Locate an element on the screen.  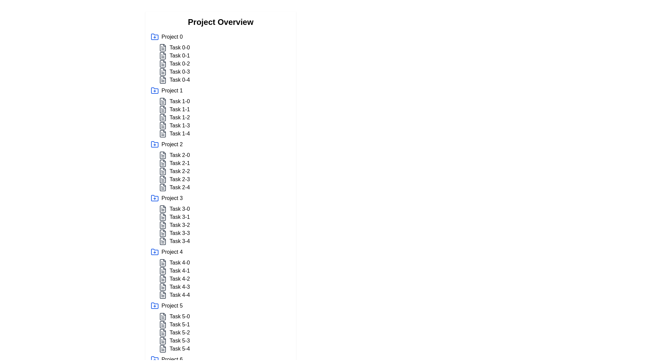
the interactive button or icon is located at coordinates (154, 37).